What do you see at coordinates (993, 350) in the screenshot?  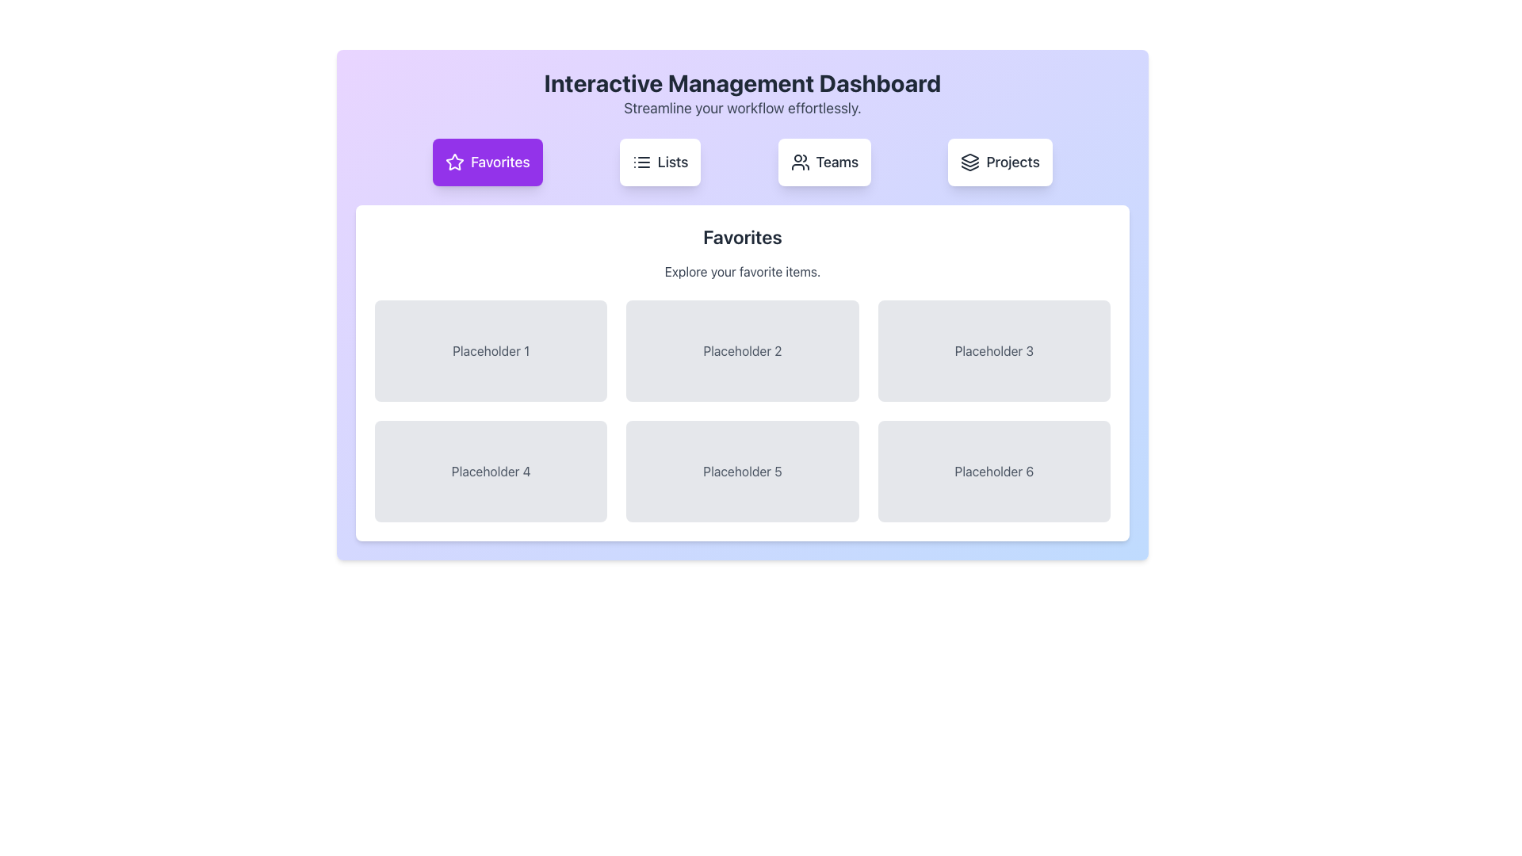 I see `the text label labeled 'Placeholder 3' located in the second row and third column of the grid layout under the 'Favorites' section` at bounding box center [993, 350].